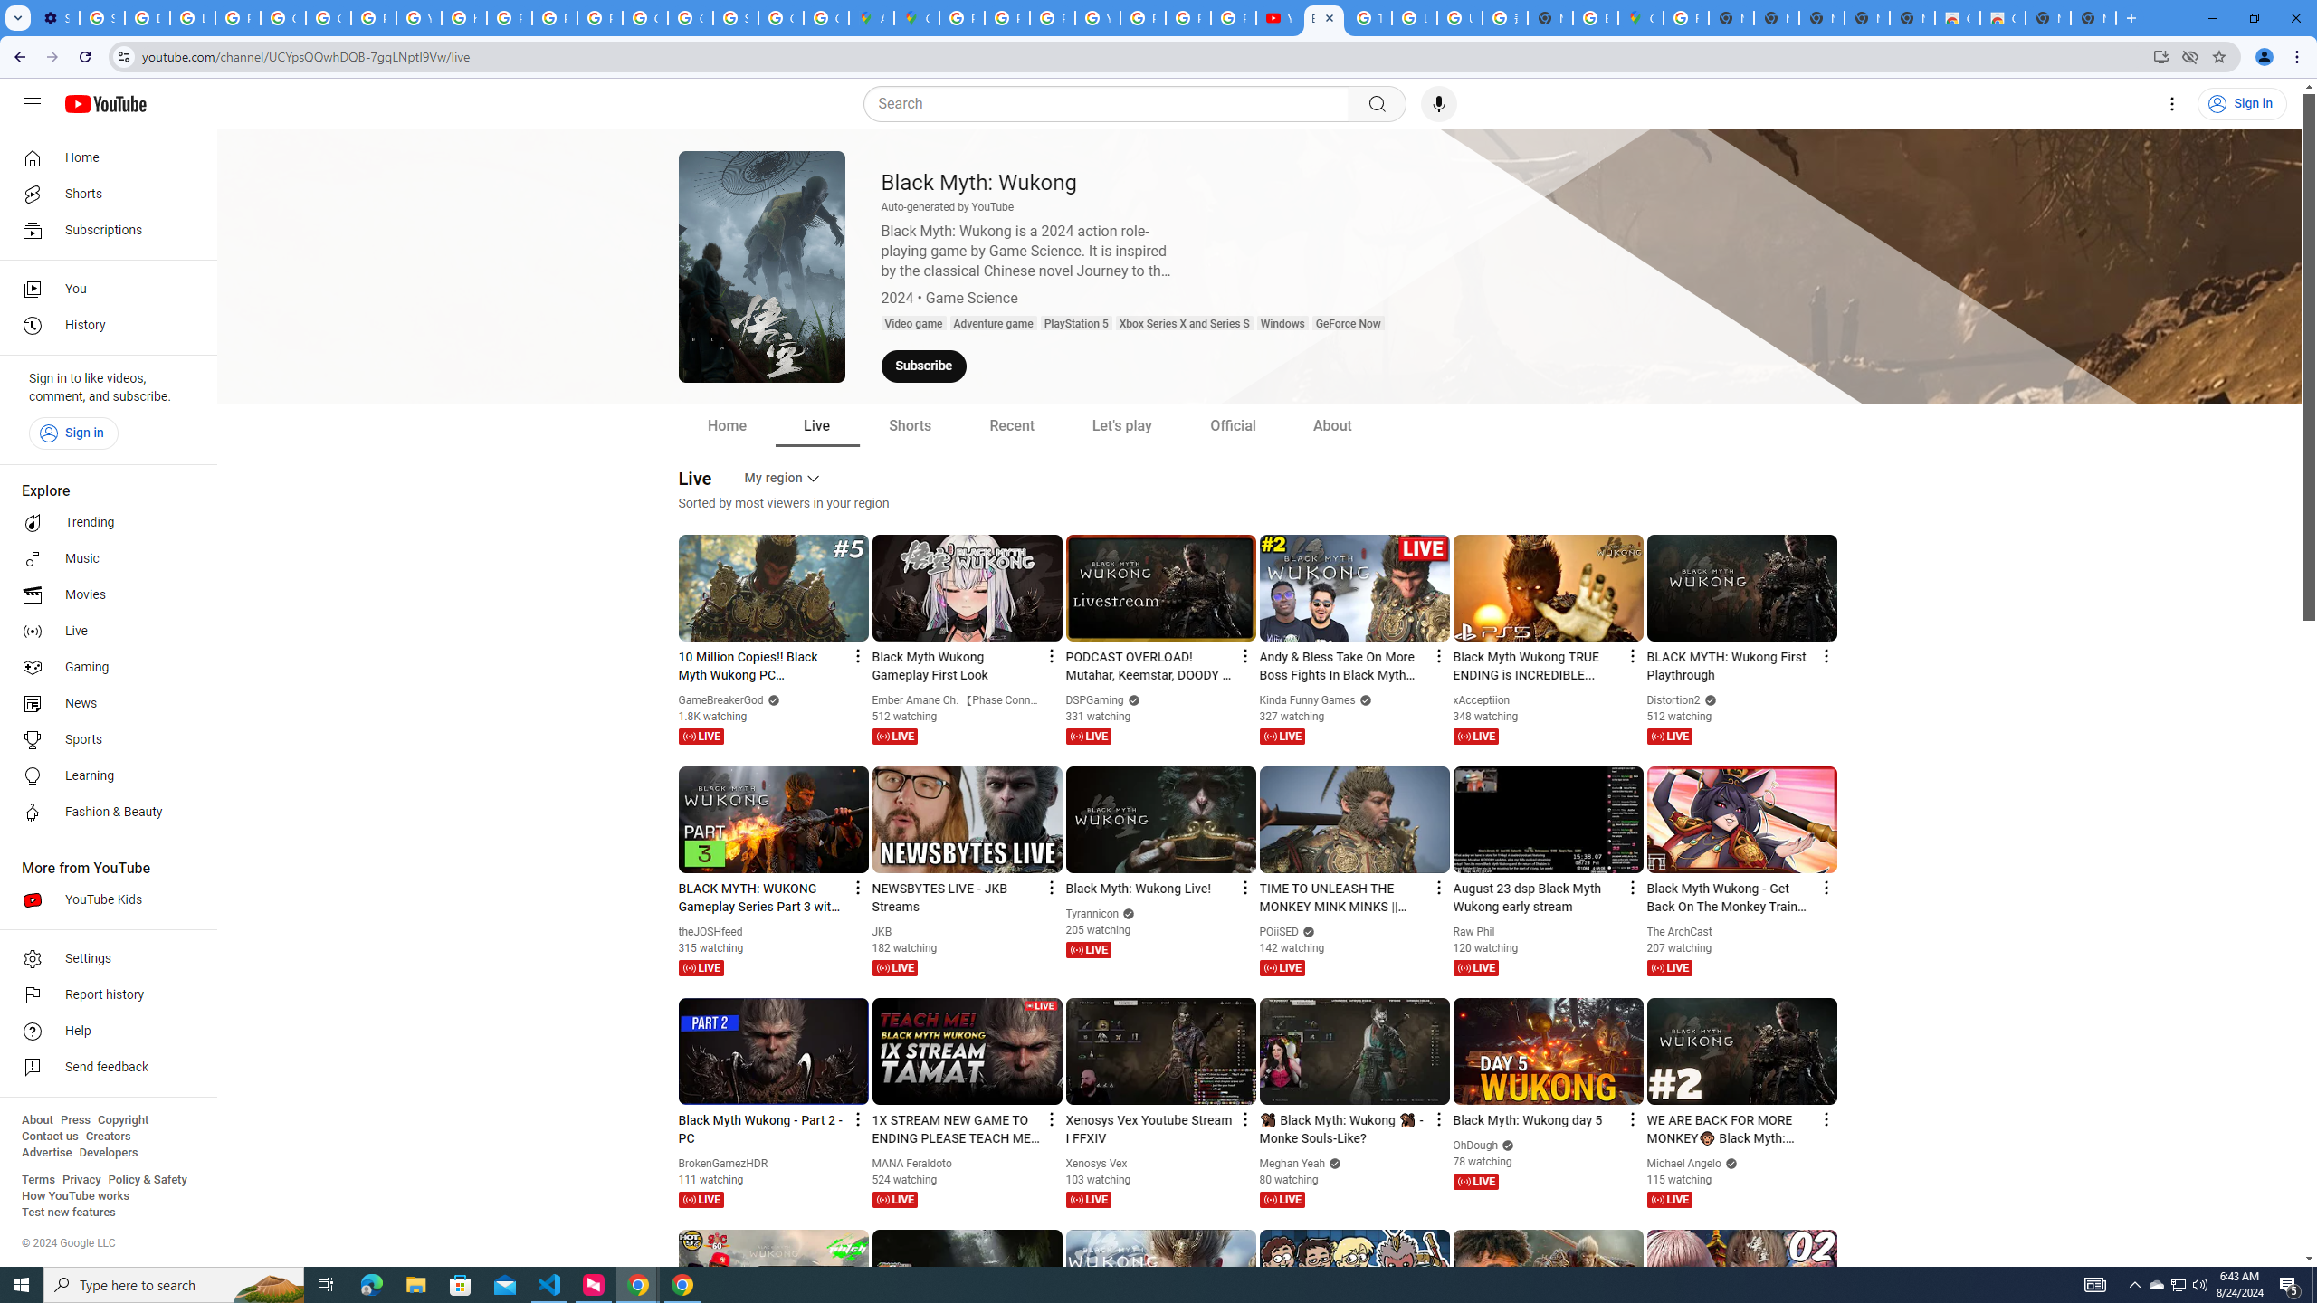 This screenshot has width=2317, height=1303. I want to click on 'Music', so click(102, 557).